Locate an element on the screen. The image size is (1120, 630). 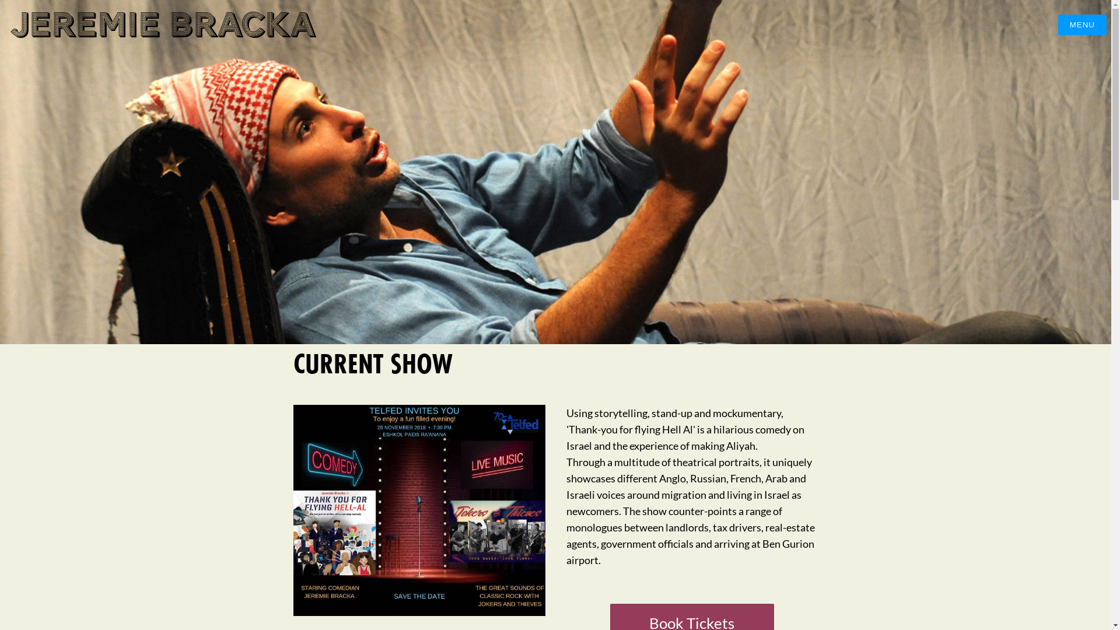
'MENU' is located at coordinates (1058, 24).